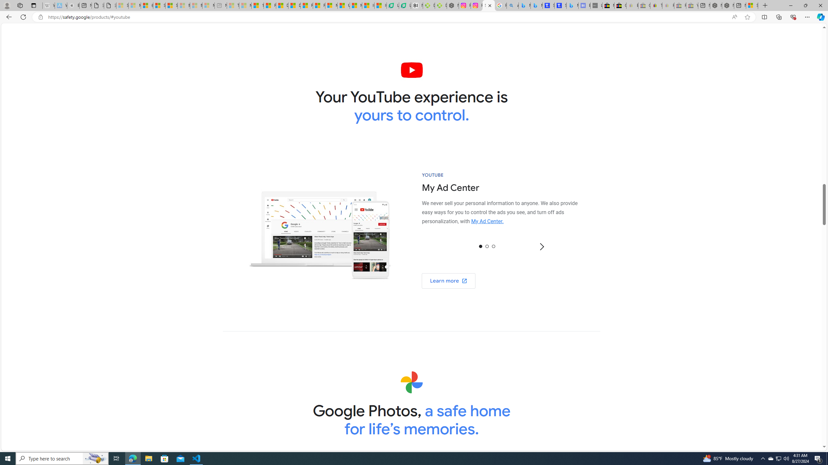 The image size is (828, 465). I want to click on 'Marine life - MSN - Sleeping', so click(245, 5).